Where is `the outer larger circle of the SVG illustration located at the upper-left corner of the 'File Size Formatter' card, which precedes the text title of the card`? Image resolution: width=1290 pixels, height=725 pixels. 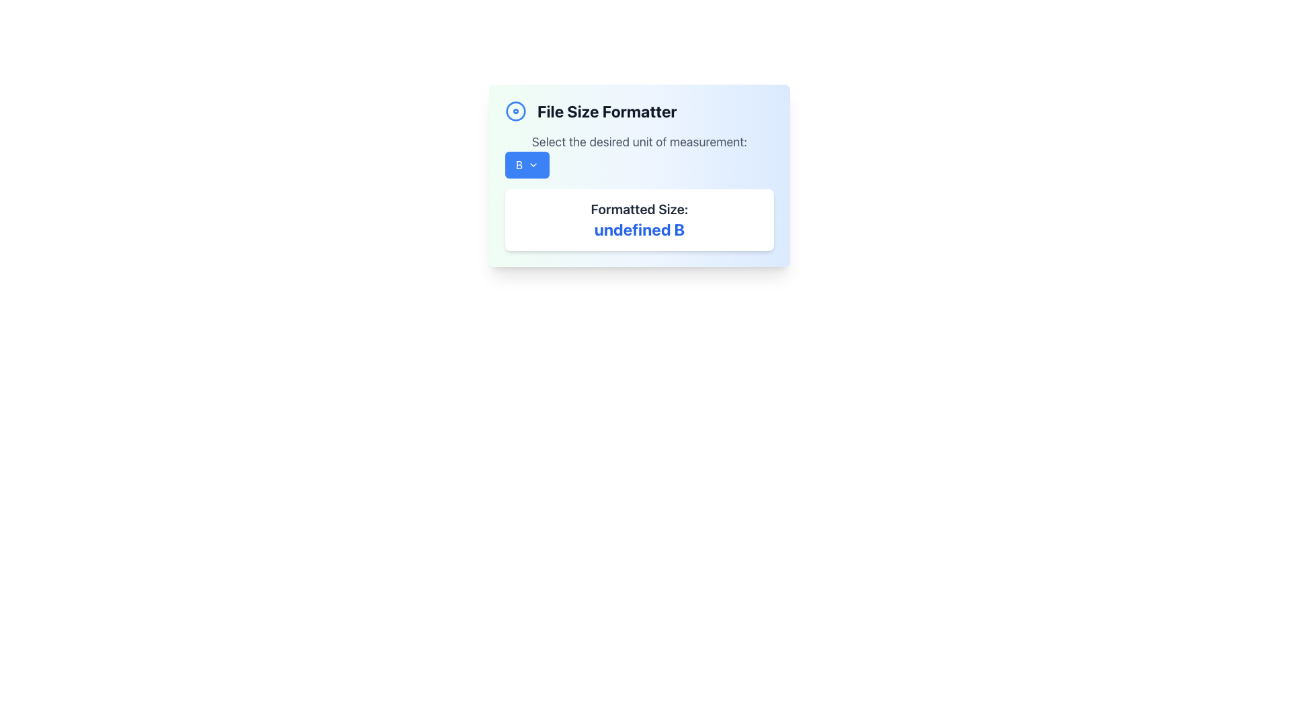
the outer larger circle of the SVG illustration located at the upper-left corner of the 'File Size Formatter' card, which precedes the text title of the card is located at coordinates (515, 110).